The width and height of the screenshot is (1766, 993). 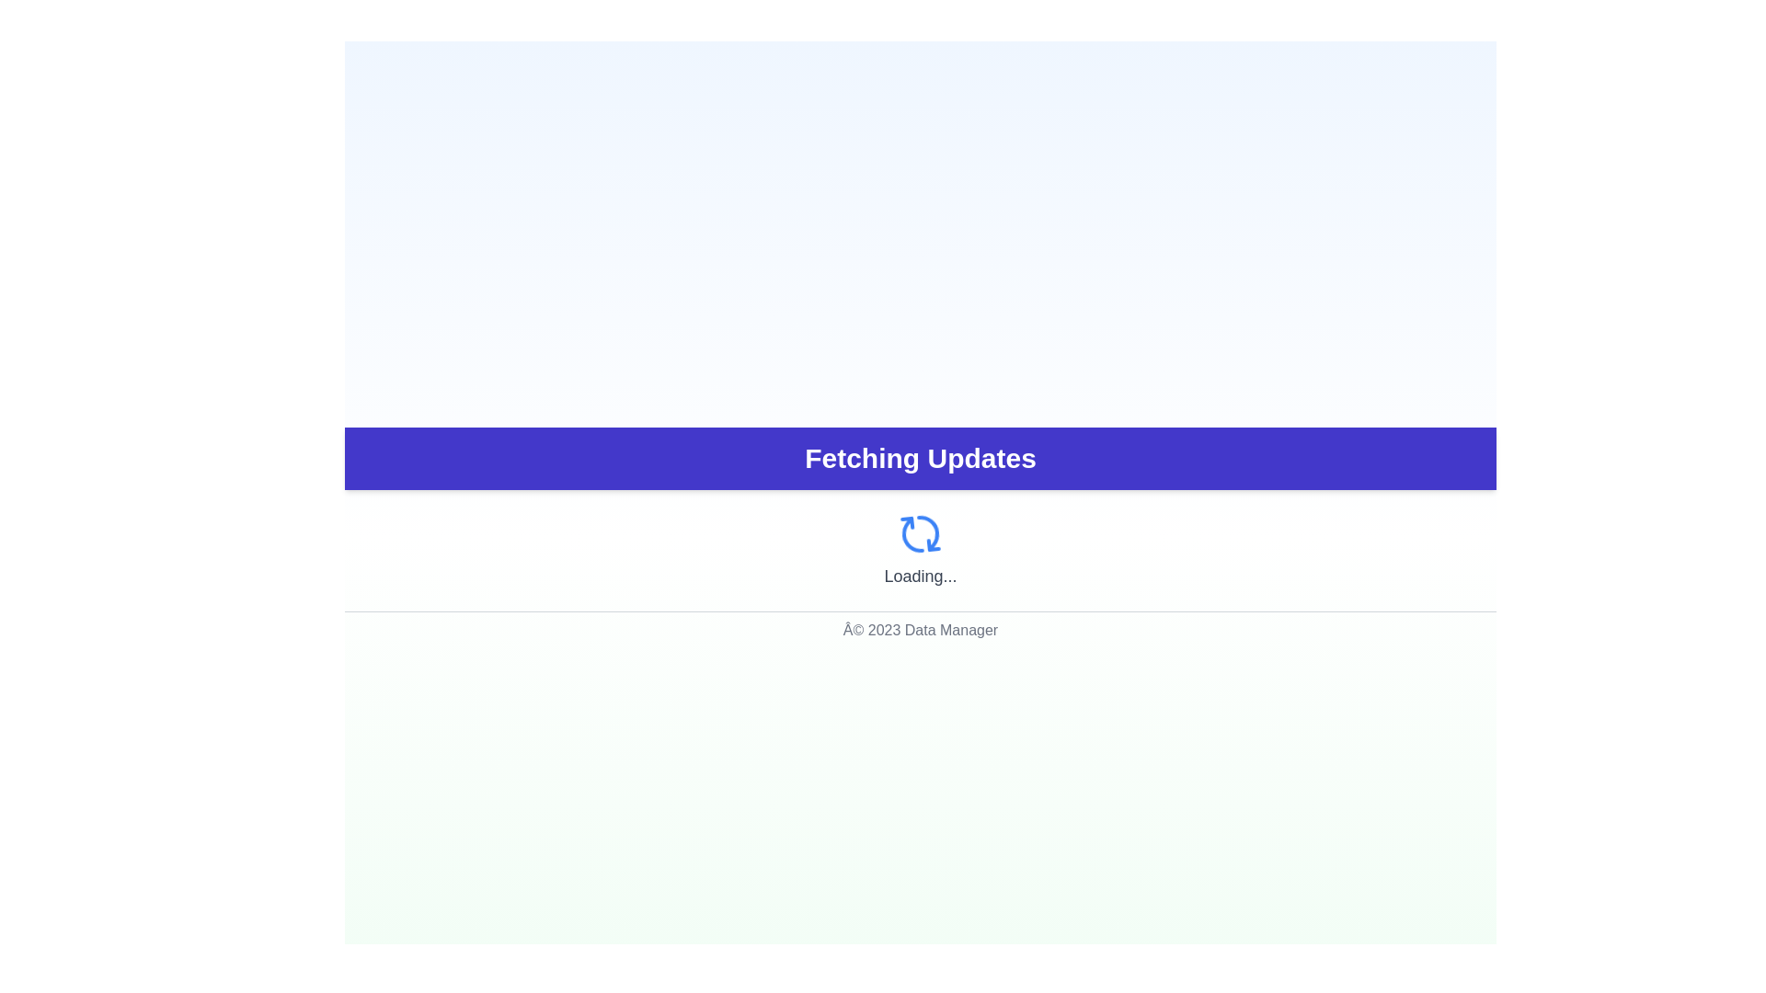 I want to click on the loading indicator that features a spinning refresh icon in blue and the text 'Loading...' beneath it, so click(x=920, y=549).